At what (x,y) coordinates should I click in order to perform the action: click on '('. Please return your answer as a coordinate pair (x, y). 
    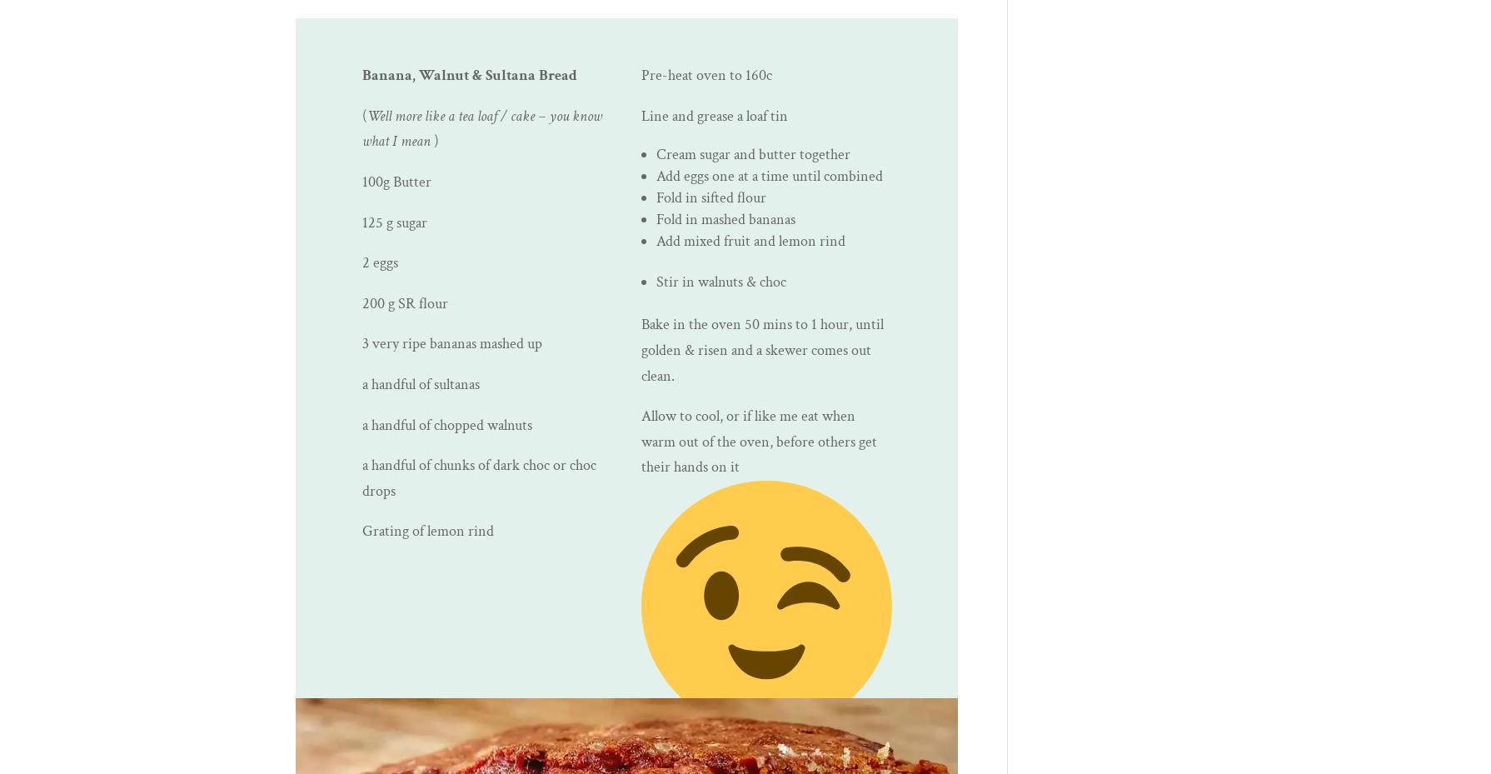
    Looking at the image, I should click on (362, 115).